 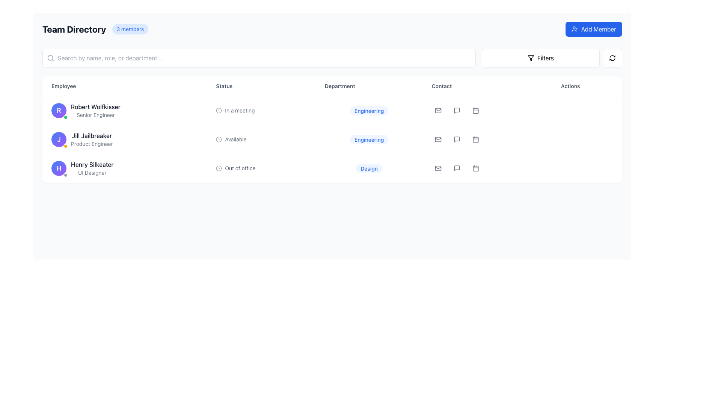 What do you see at coordinates (438, 139) in the screenshot?
I see `the envelope-like icon representing email functionality located in the 'Contact' column of the table, specifically in the second row for 'Jill Jailbreaker'` at bounding box center [438, 139].